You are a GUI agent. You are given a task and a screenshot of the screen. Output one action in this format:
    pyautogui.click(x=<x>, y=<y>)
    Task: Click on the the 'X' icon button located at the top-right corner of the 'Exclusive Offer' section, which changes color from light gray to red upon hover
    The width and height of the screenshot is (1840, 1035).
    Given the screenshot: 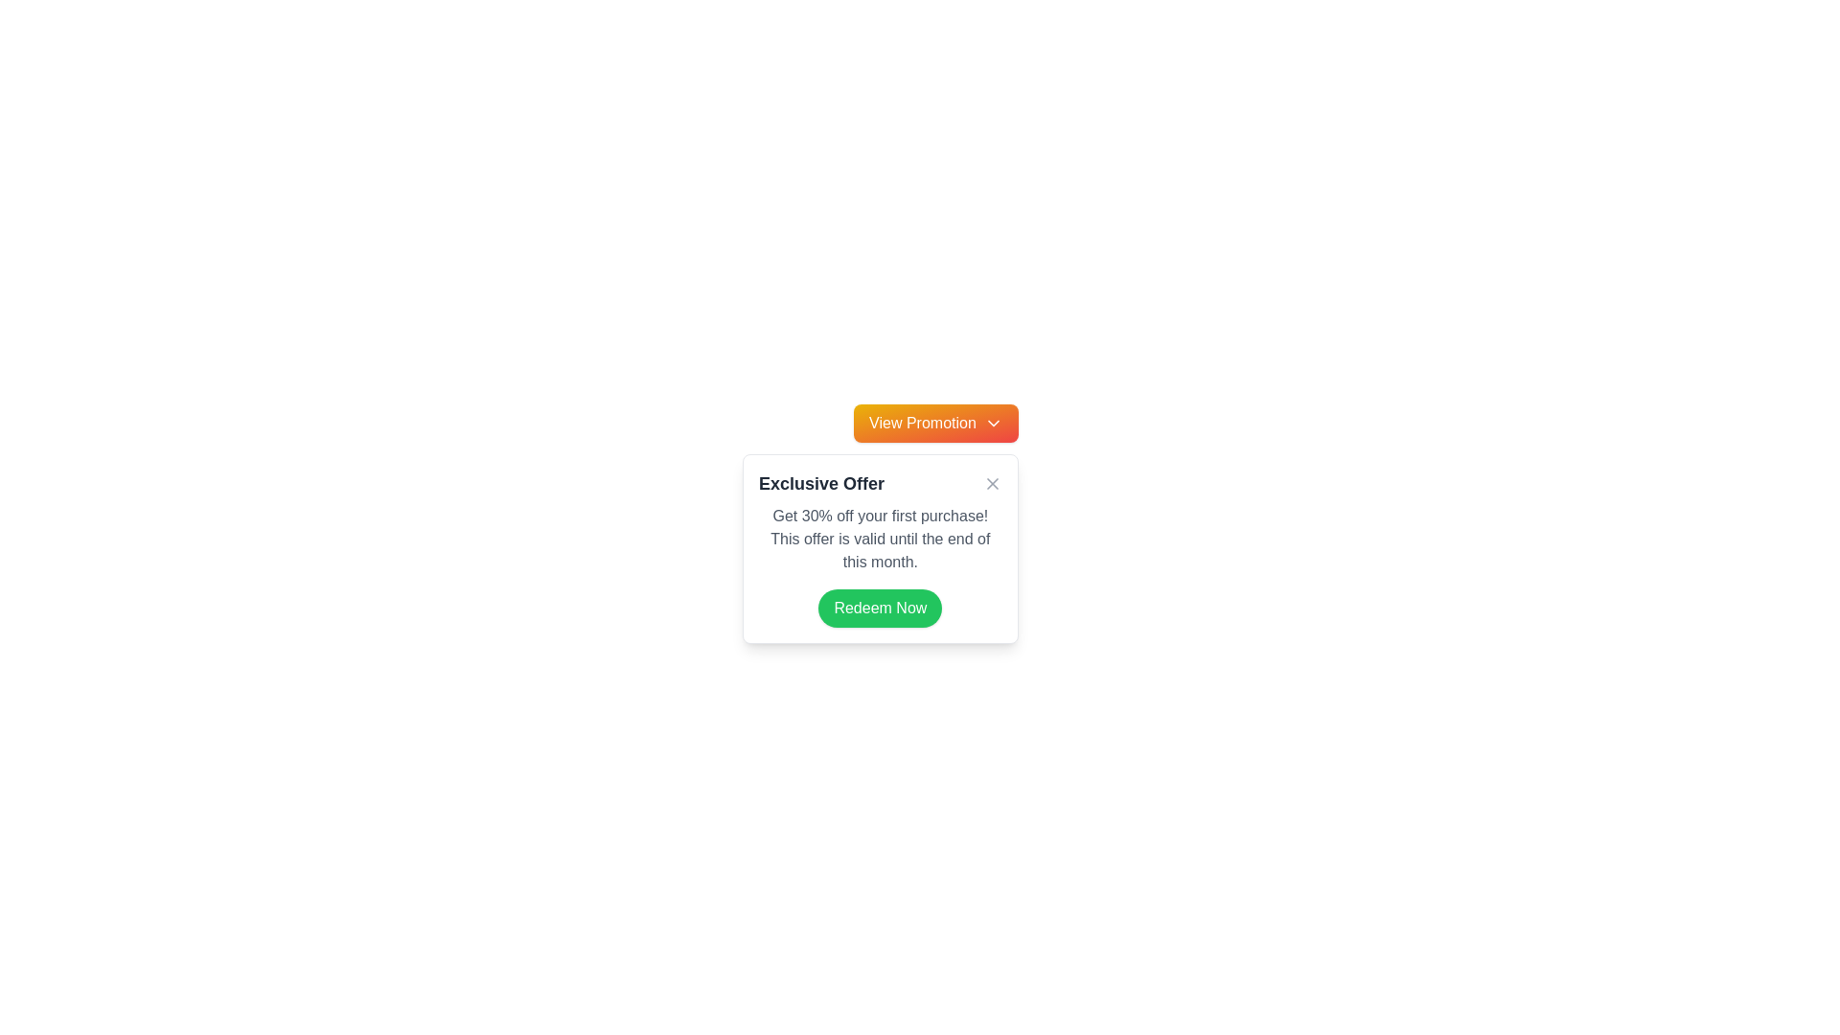 What is the action you would take?
    pyautogui.click(x=992, y=483)
    